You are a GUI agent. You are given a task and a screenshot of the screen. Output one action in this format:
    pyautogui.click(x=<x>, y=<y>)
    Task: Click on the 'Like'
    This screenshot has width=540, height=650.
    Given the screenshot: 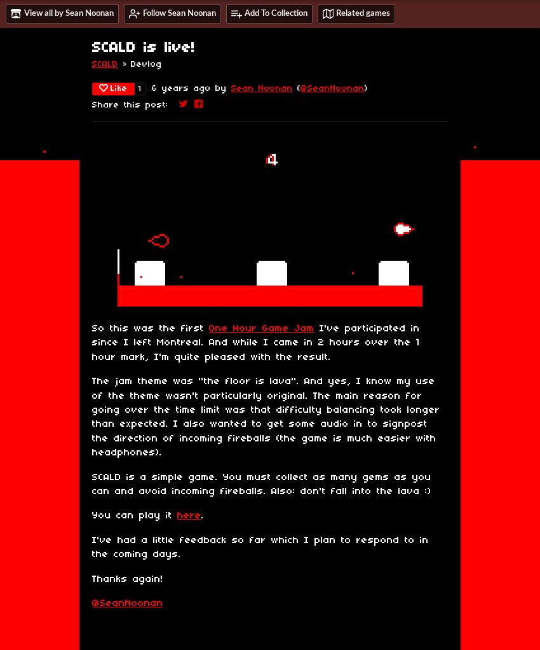 What is the action you would take?
    pyautogui.click(x=109, y=88)
    